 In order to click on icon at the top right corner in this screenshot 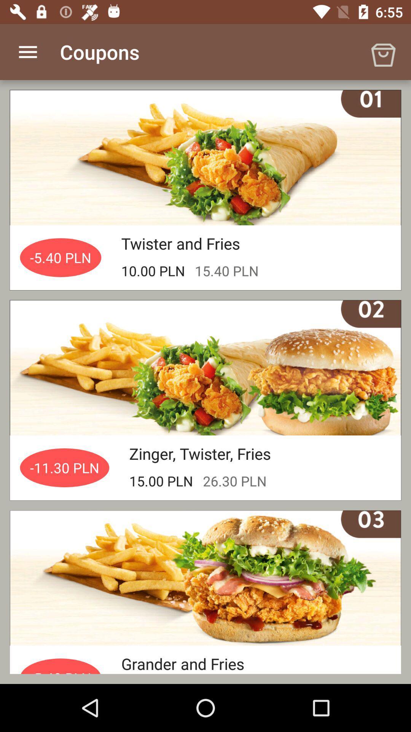, I will do `click(383, 51)`.